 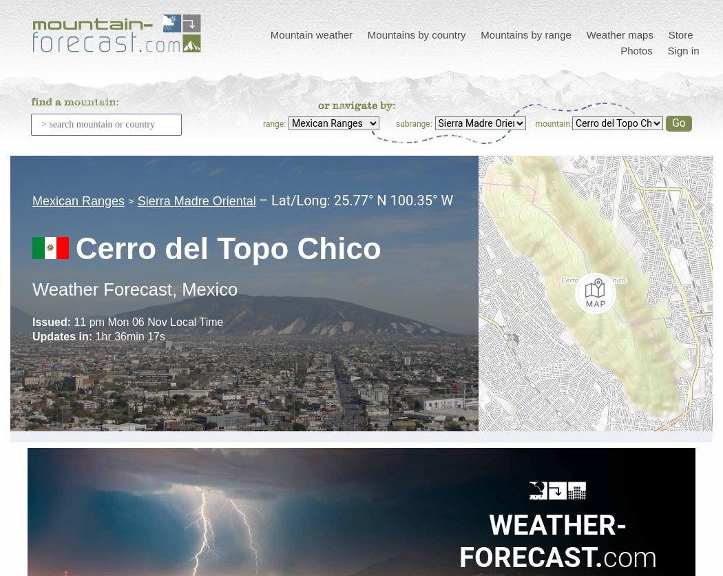 I want to click on 'Weather Forecast, Mexico', so click(x=134, y=289).